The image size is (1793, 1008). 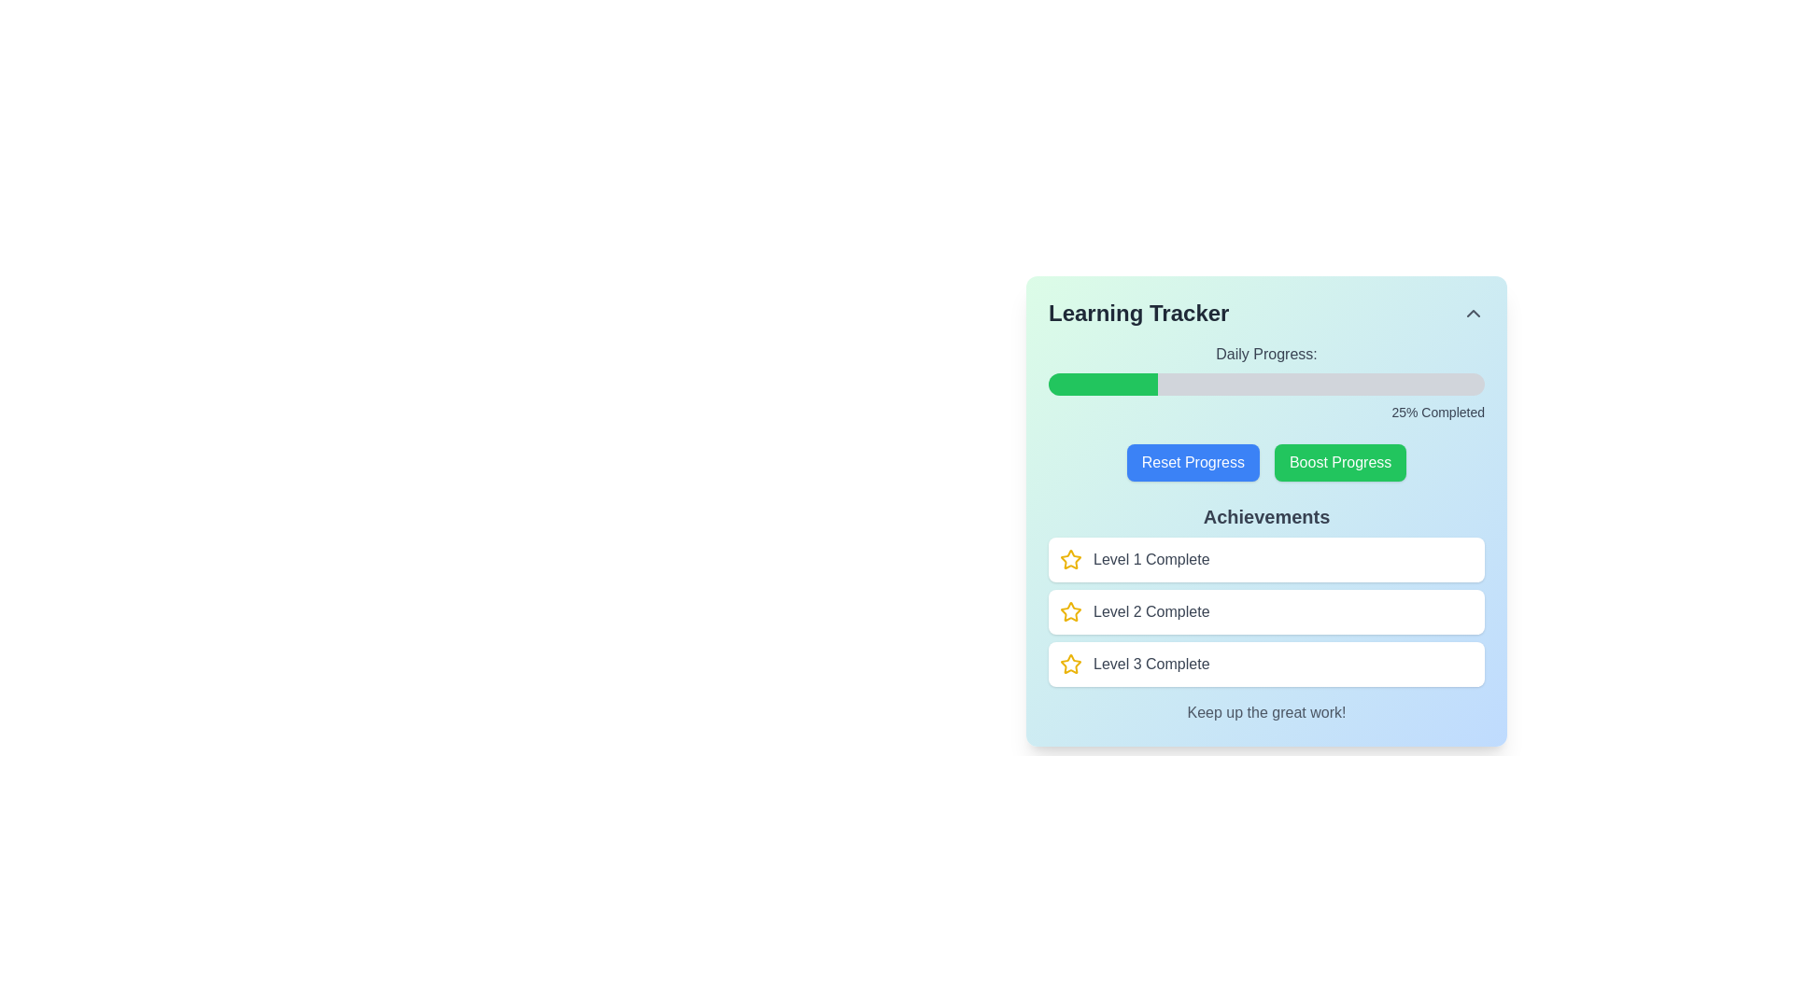 I want to click on the highlighted achievement entry in the Content Display List, which is the second item indicating 'Level 2 Complete', so click(x=1266, y=595).